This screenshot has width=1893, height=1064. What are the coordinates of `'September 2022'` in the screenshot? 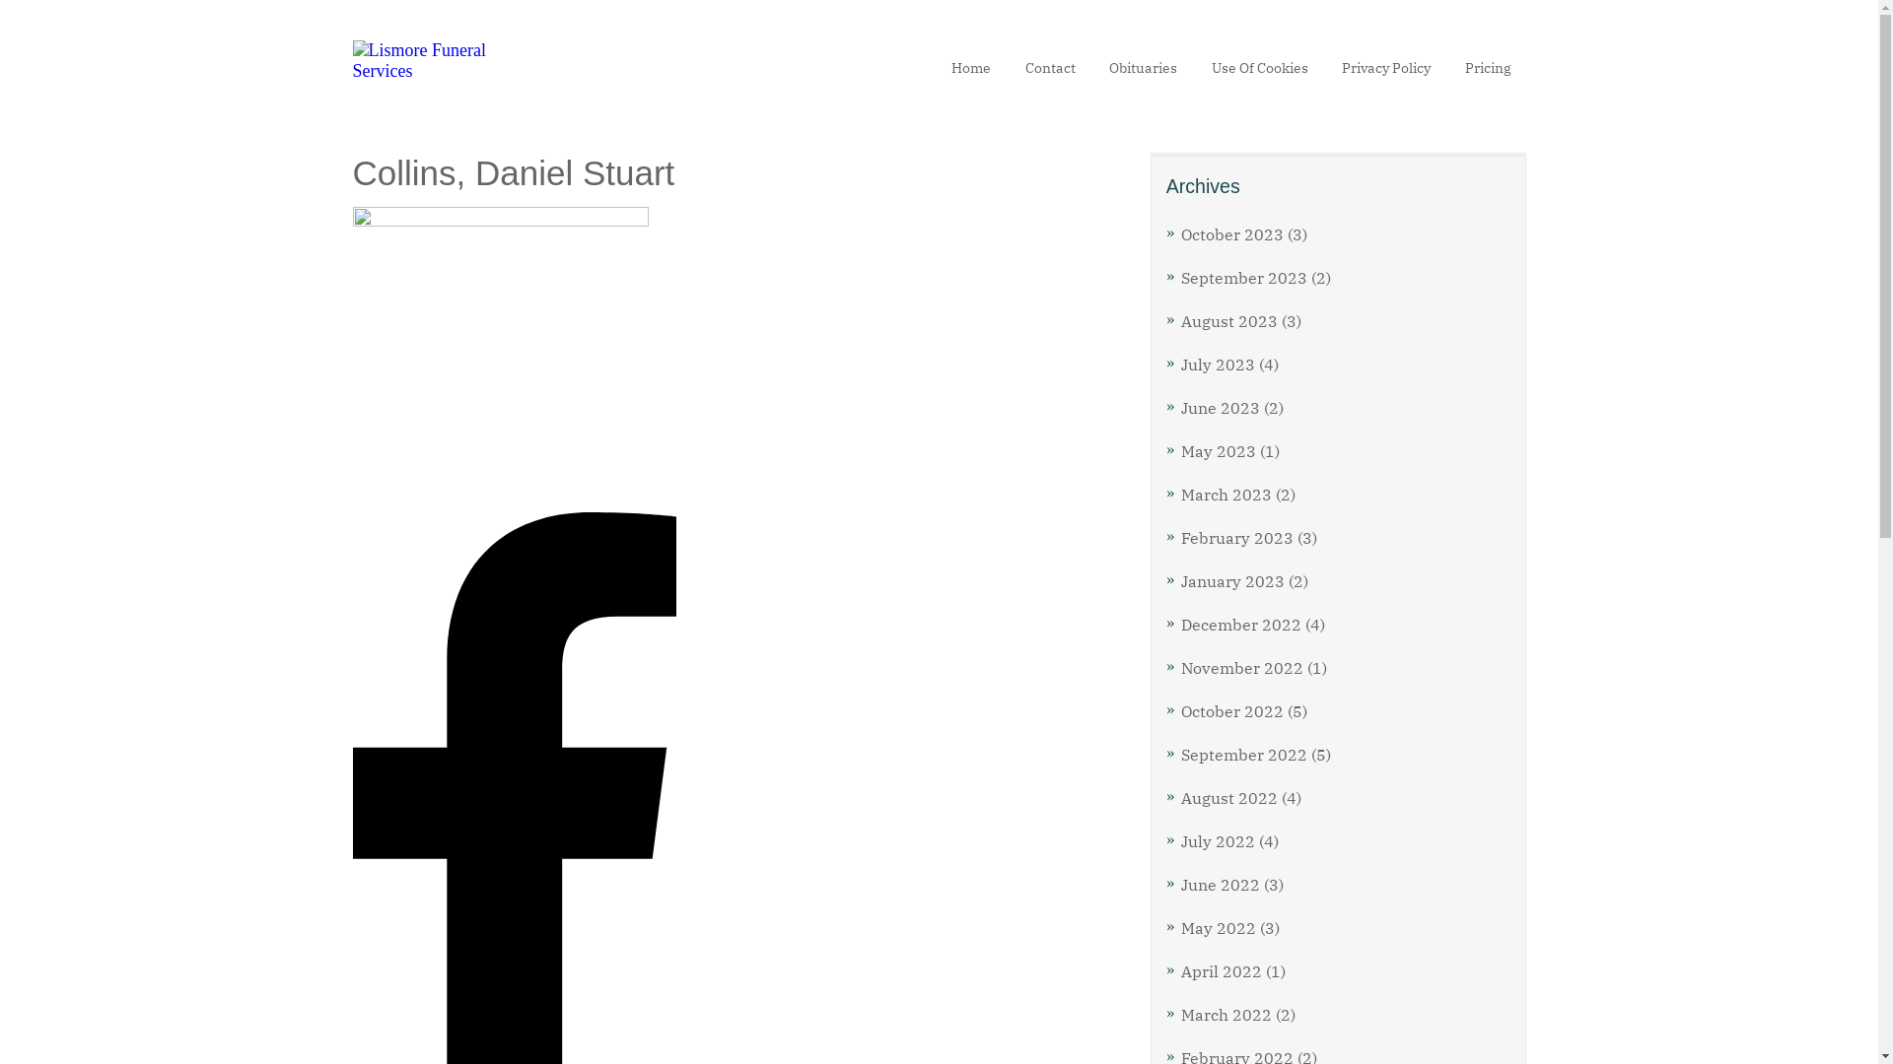 It's located at (1243, 754).